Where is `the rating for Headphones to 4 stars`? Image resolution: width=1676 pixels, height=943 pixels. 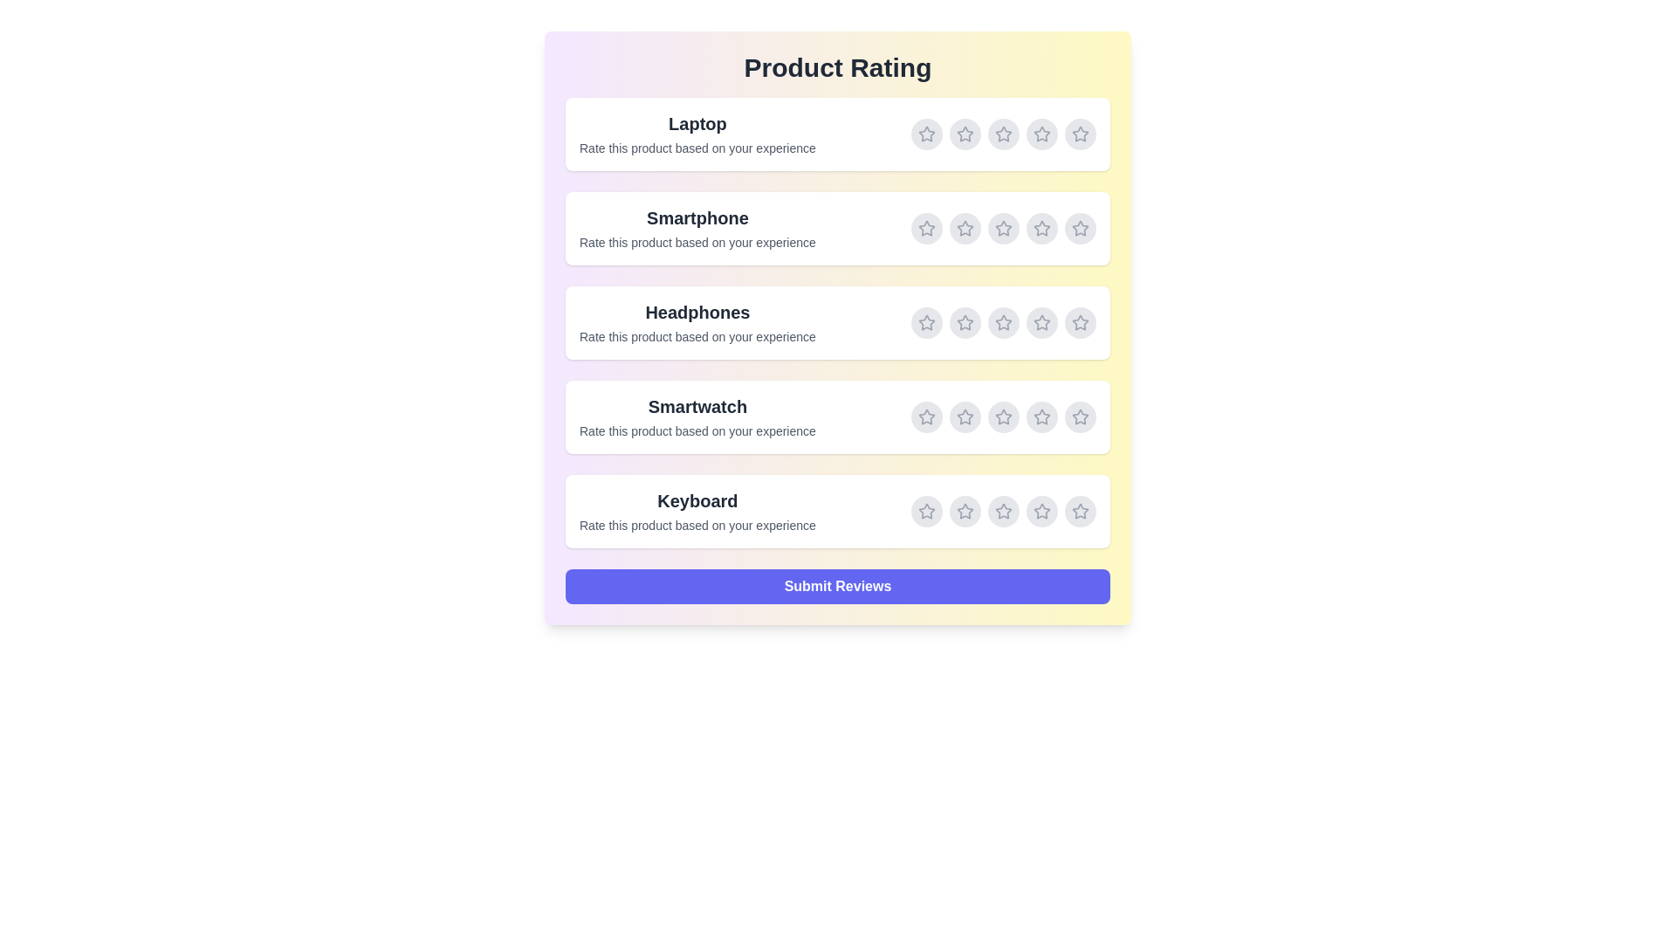
the rating for Headphones to 4 stars is located at coordinates (1042, 323).